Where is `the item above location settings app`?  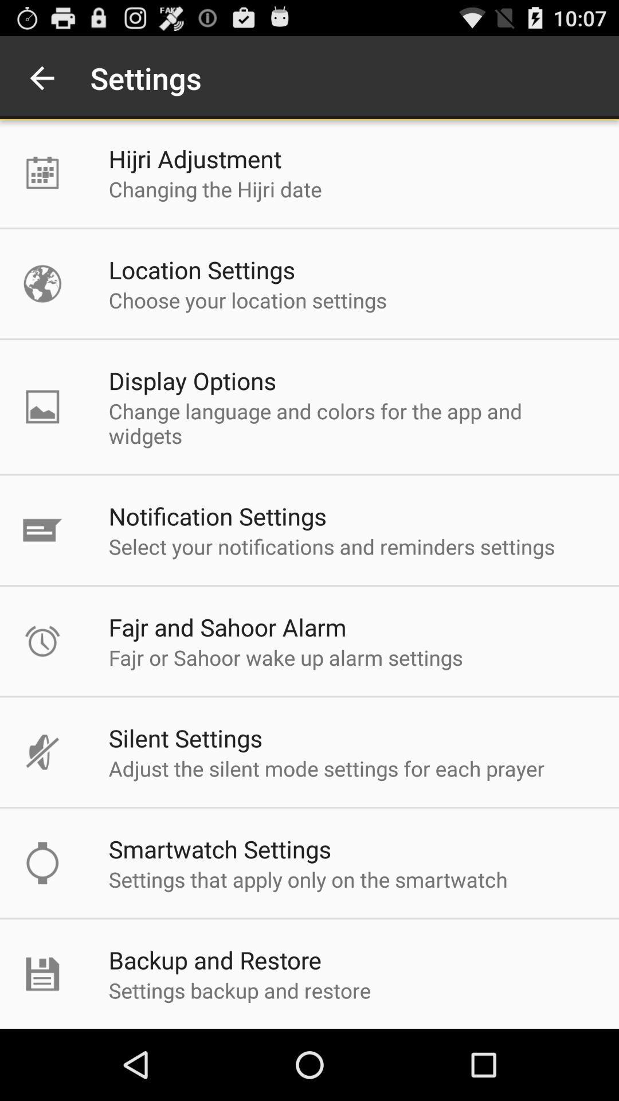 the item above location settings app is located at coordinates (215, 189).